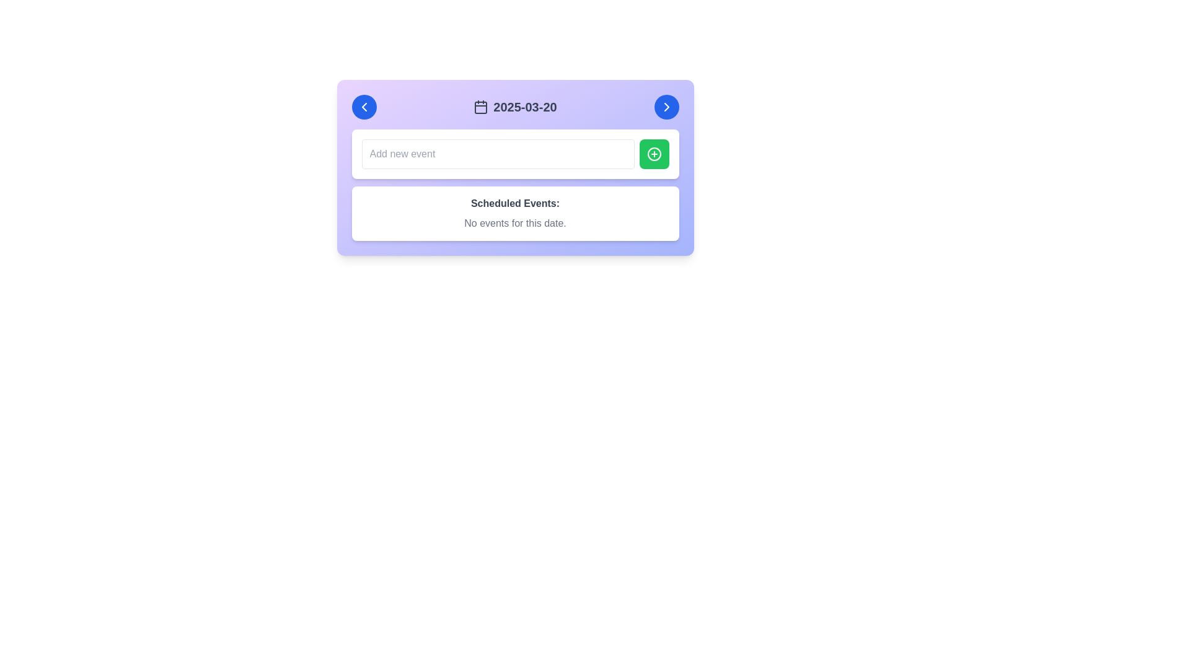  I want to click on the iconography embedded within the green button to the right of the 'Add new event' input field, so click(653, 154).